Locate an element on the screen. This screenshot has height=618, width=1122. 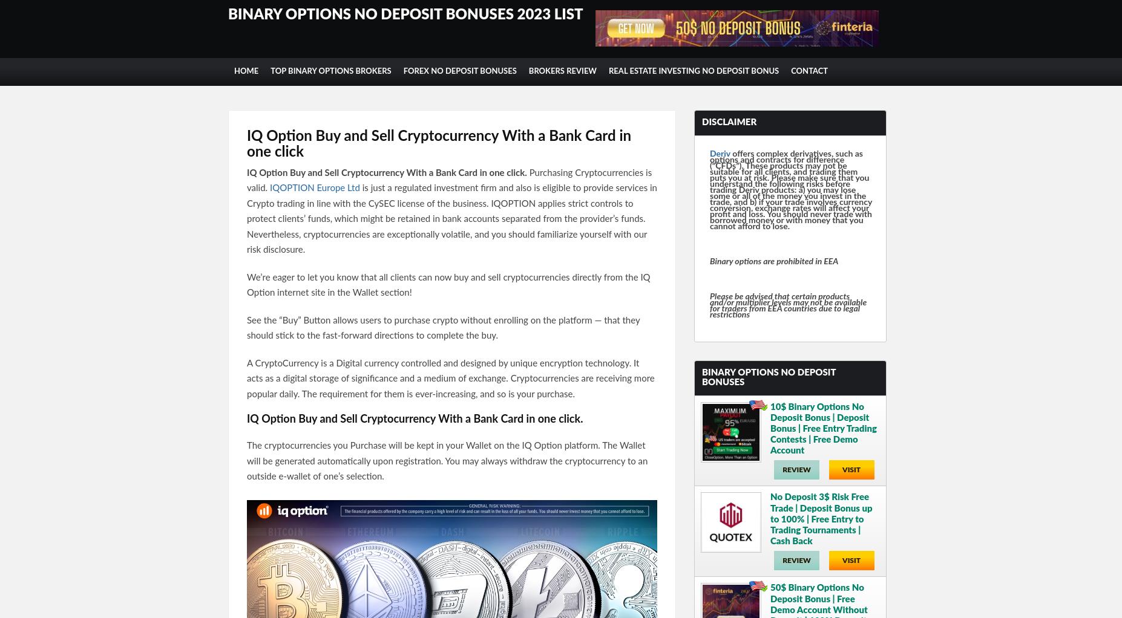
'Brokers Review' is located at coordinates (528, 71).